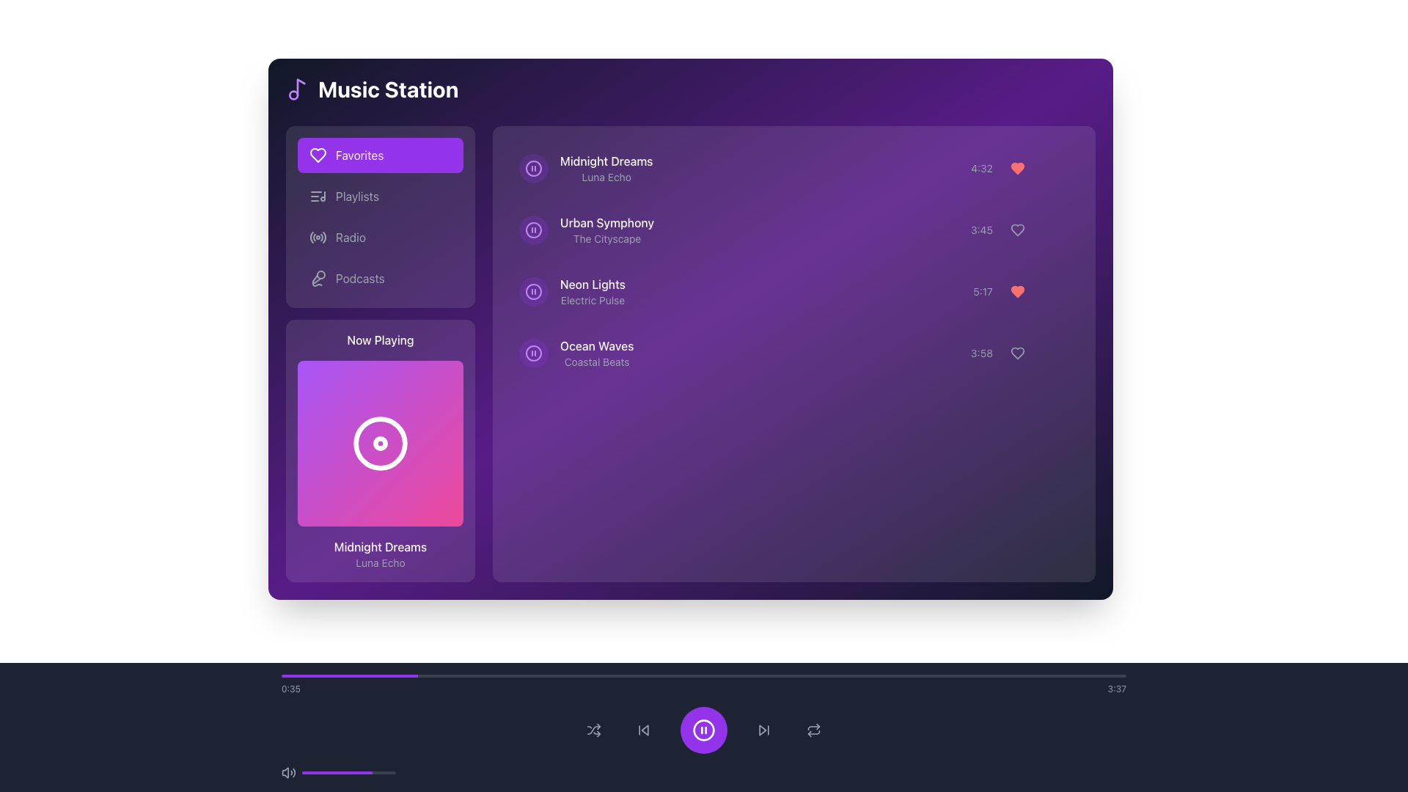 The width and height of the screenshot is (1408, 792). What do you see at coordinates (380, 554) in the screenshot?
I see `the text display showing the title and subtitle of the currently playing song by moving the cursor to its center for reading` at bounding box center [380, 554].